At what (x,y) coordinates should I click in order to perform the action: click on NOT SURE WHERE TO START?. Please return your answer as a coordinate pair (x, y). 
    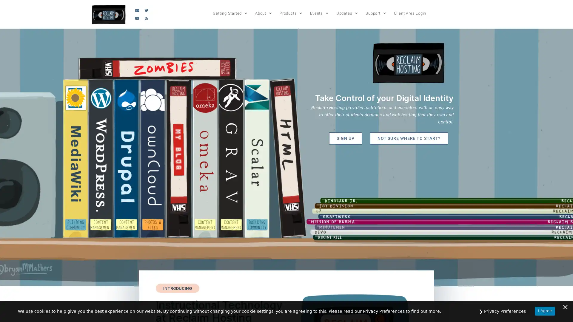
    Looking at the image, I should click on (408, 138).